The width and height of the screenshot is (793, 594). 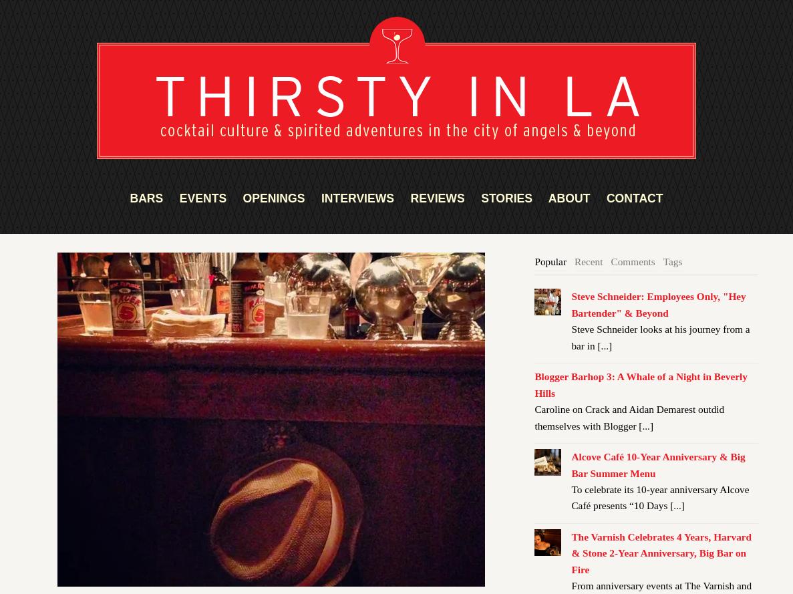 I want to click on 'INTERVIEWS', so click(x=357, y=198).